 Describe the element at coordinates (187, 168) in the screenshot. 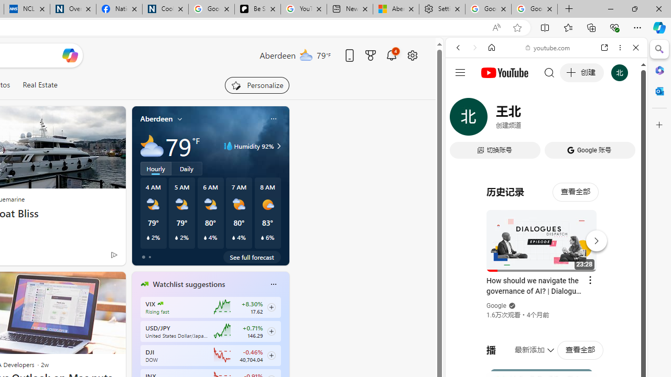

I see `'Daily'` at that location.